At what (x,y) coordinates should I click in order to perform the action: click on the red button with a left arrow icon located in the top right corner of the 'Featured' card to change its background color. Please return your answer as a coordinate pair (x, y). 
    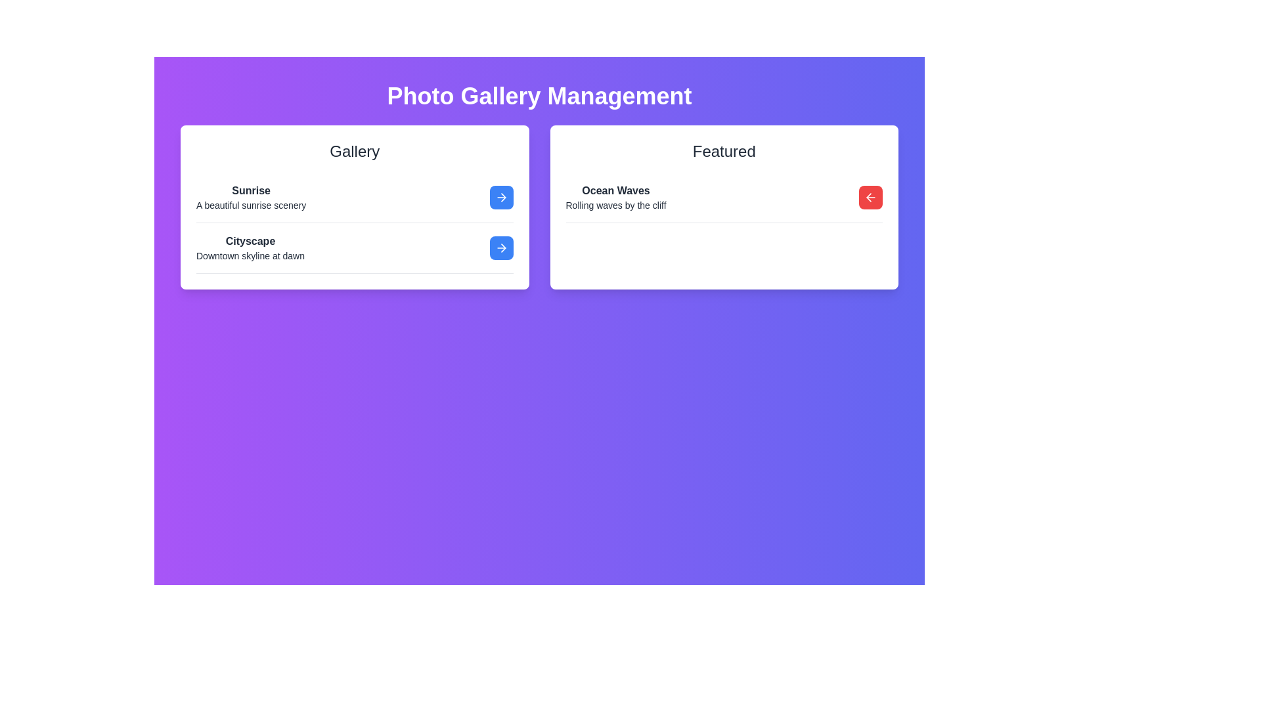
    Looking at the image, I should click on (870, 197).